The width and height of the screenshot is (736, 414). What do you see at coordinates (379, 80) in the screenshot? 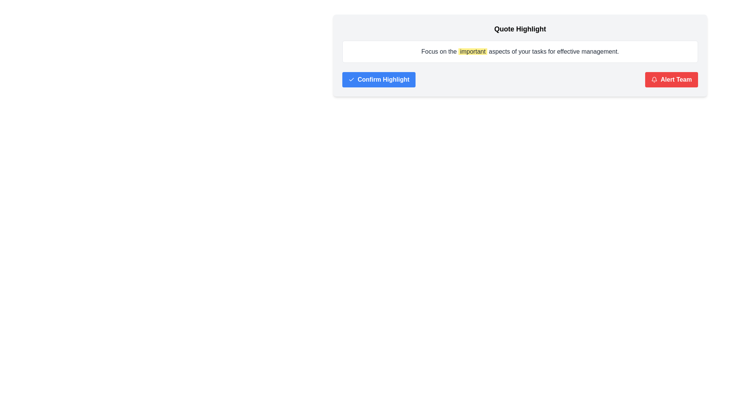
I see `the blue rectangular button labeled 'Confirm Highlight' with a check icon on the left side` at bounding box center [379, 80].